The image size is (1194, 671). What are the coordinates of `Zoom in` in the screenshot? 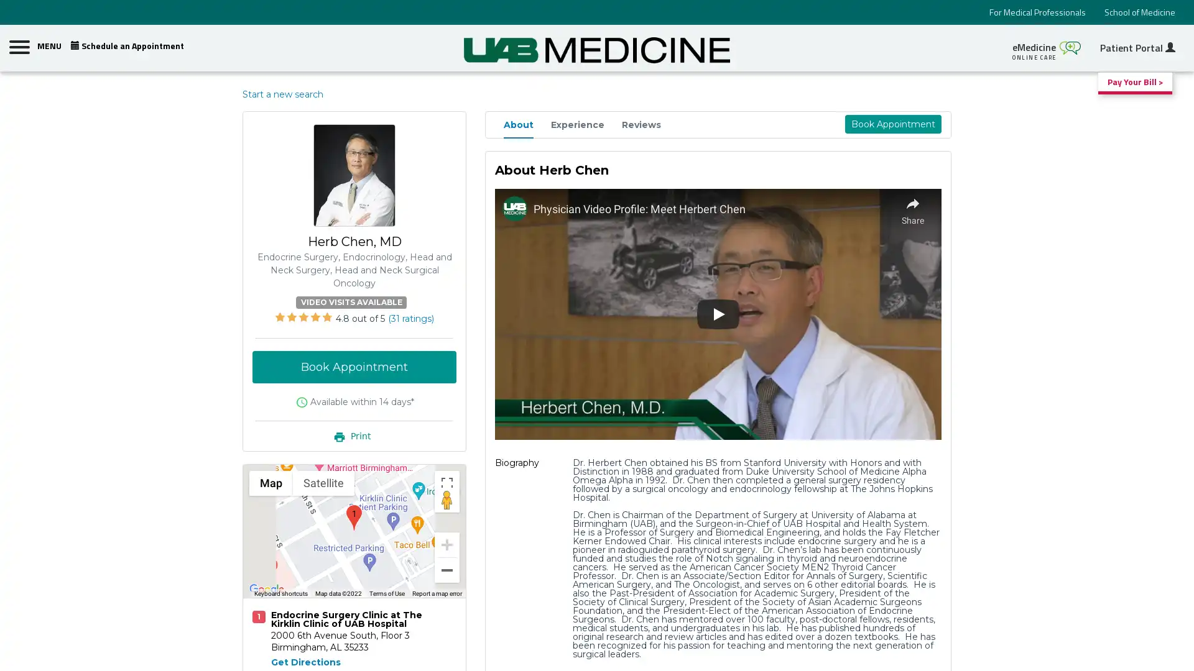 It's located at (447, 543).